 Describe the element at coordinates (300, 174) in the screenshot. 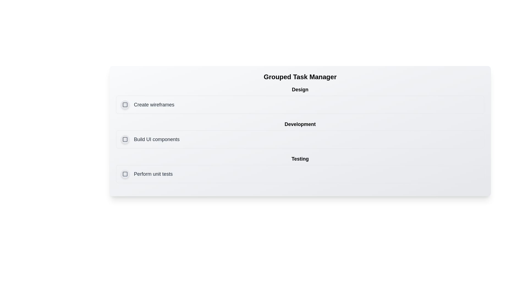

I see `the 'Perform unit tests' checkbox` at that location.